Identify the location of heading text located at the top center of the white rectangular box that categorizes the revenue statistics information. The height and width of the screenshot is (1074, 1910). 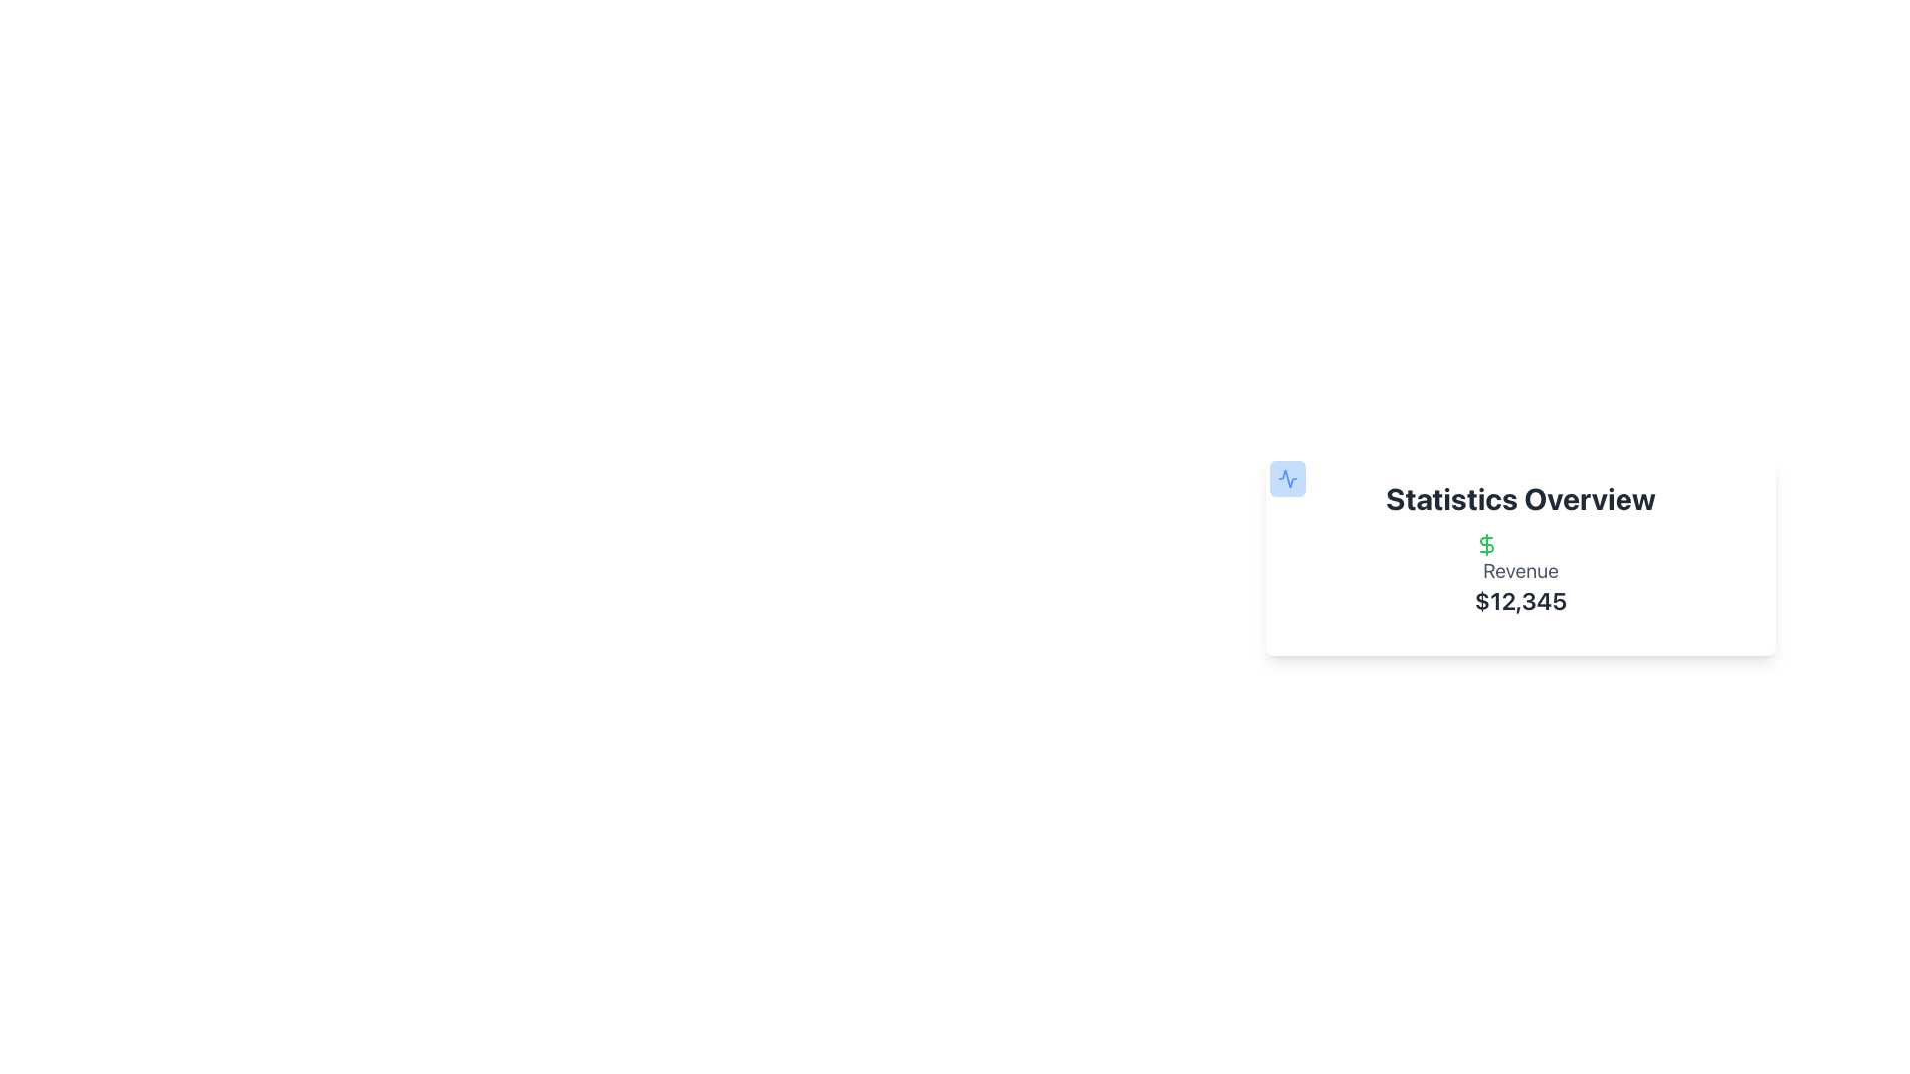
(1520, 497).